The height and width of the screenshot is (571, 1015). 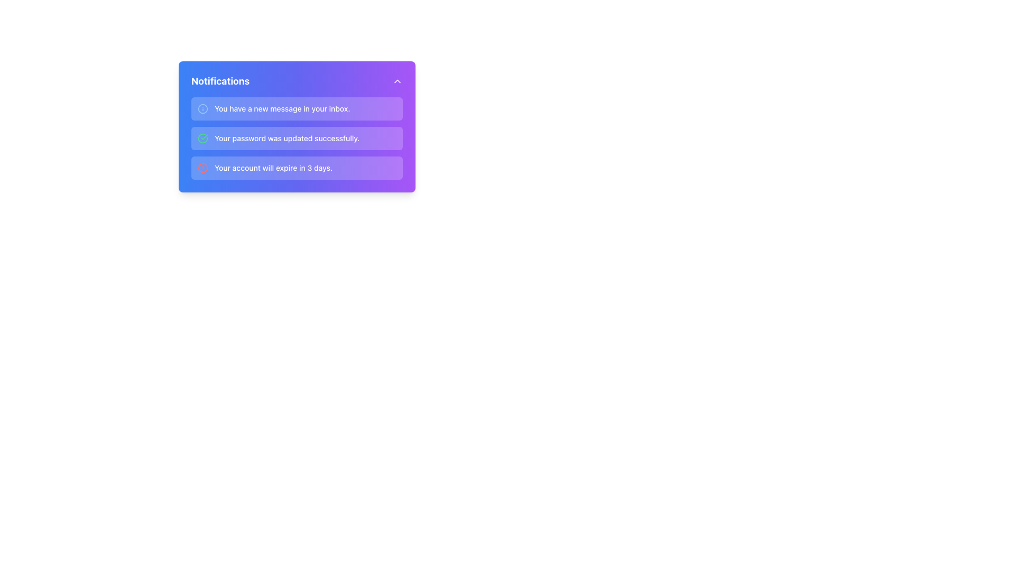 What do you see at coordinates (282, 108) in the screenshot?
I see `the notification message text that informs the user about a new message in their inbox` at bounding box center [282, 108].